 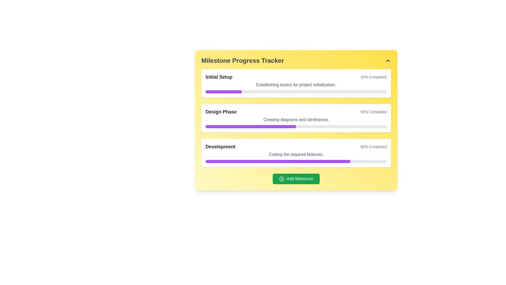 What do you see at coordinates (373, 77) in the screenshot?
I see `the text label indicating the progress percentage of the 'Initial Setup' milestone, which shows that 20% of the milestone is completed` at bounding box center [373, 77].